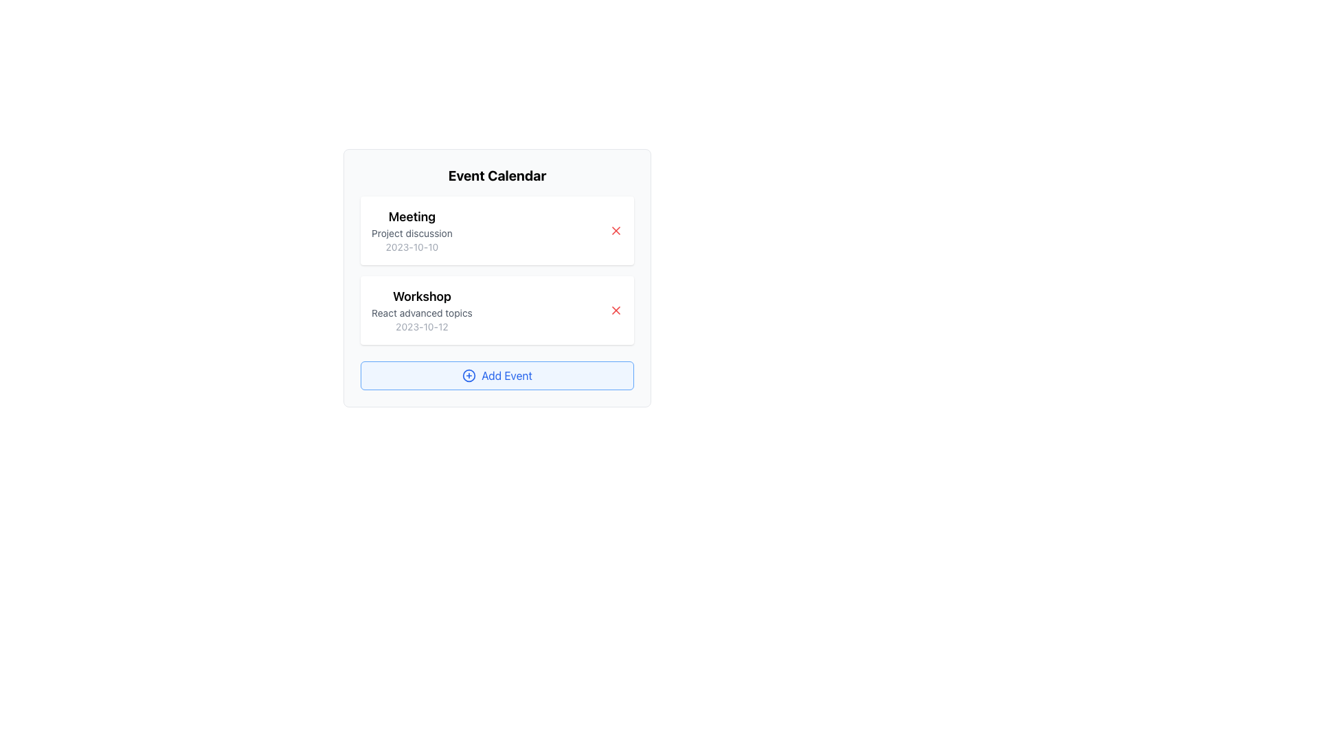 The height and width of the screenshot is (742, 1319). Describe the element at coordinates (421, 296) in the screenshot. I see `the 'Workshop' text label that is styled in bold and large font, located within a card-like structure` at that location.